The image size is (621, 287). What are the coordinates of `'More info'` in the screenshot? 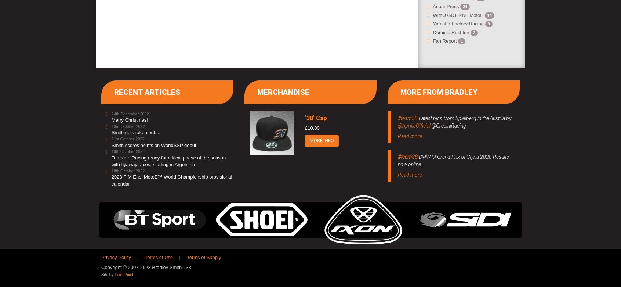 It's located at (309, 140).